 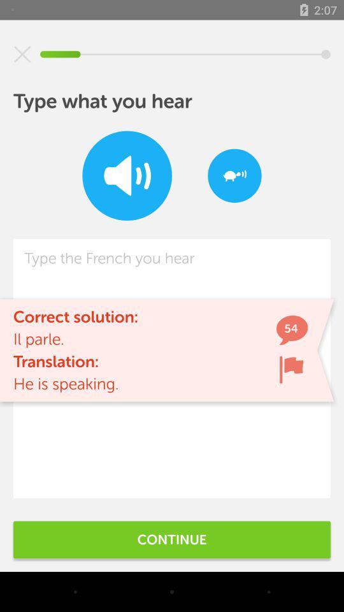 I want to click on the icon next to the he is speaking. item, so click(x=291, y=369).